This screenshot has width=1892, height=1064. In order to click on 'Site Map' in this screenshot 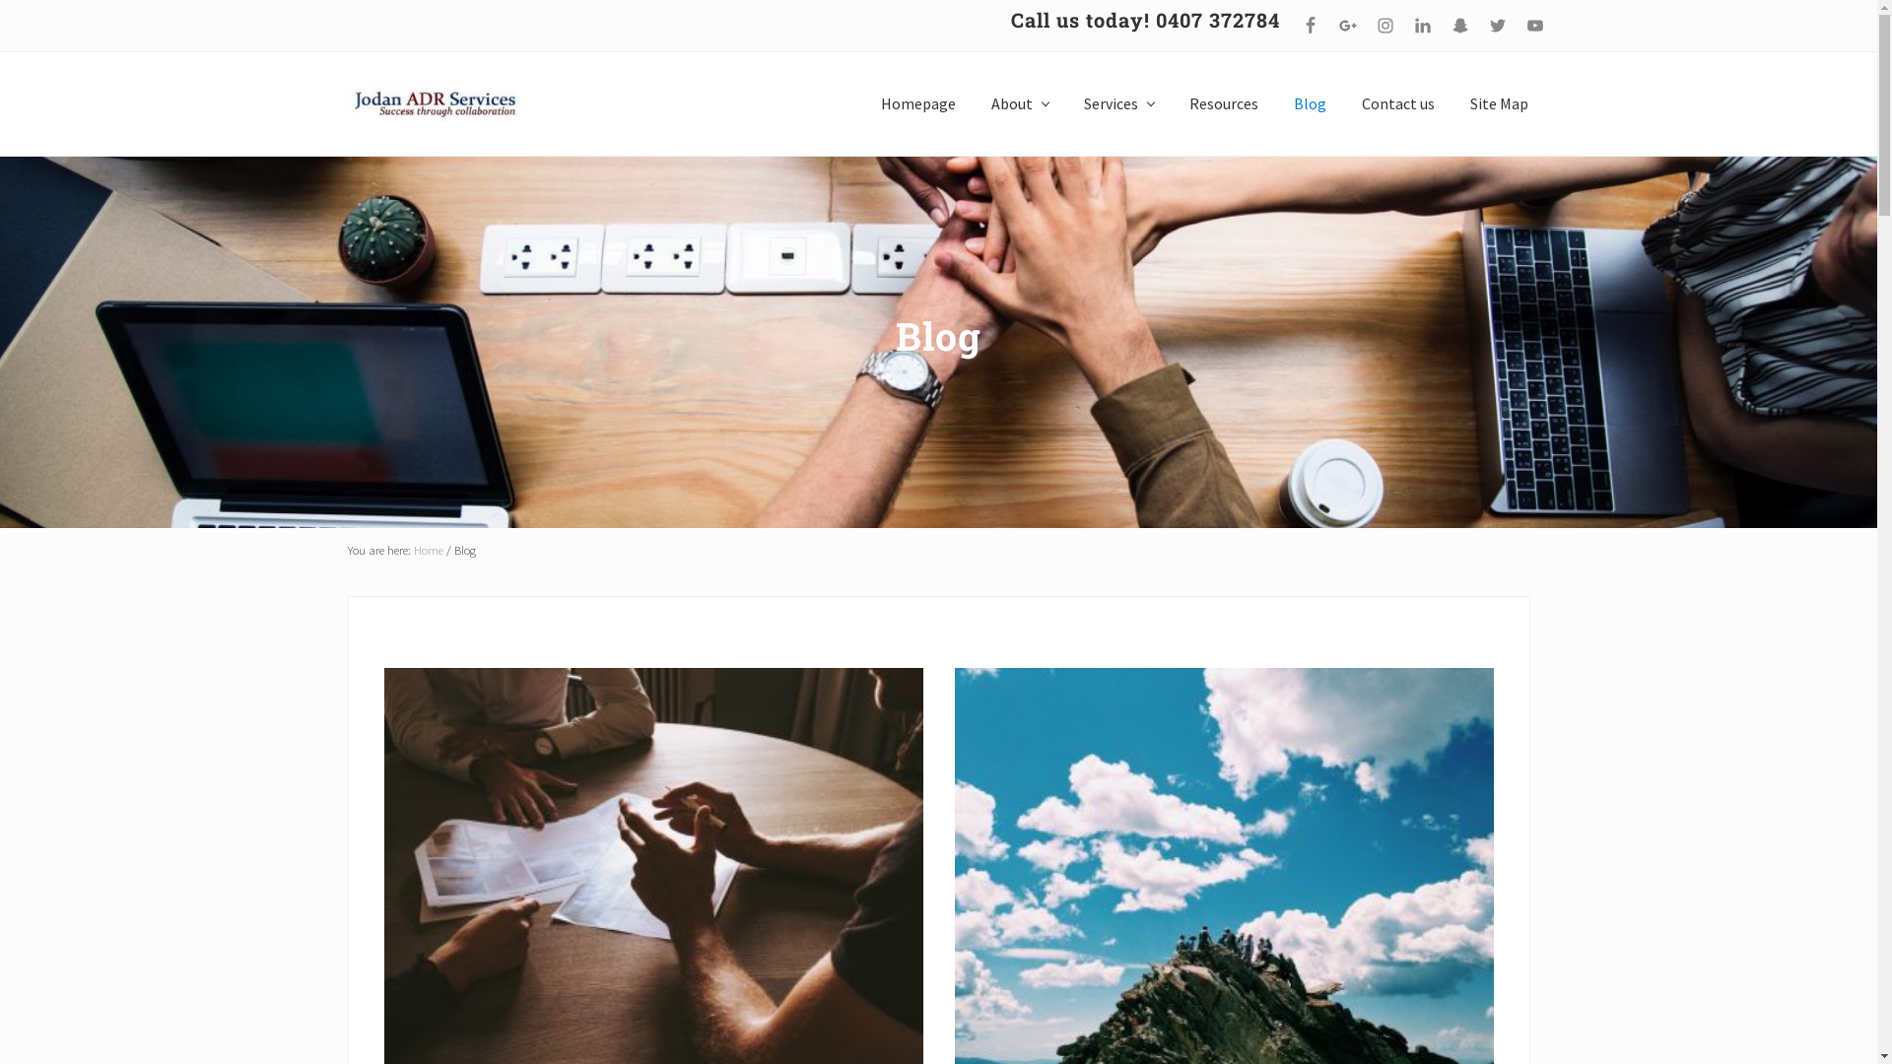, I will do `click(1454, 102)`.